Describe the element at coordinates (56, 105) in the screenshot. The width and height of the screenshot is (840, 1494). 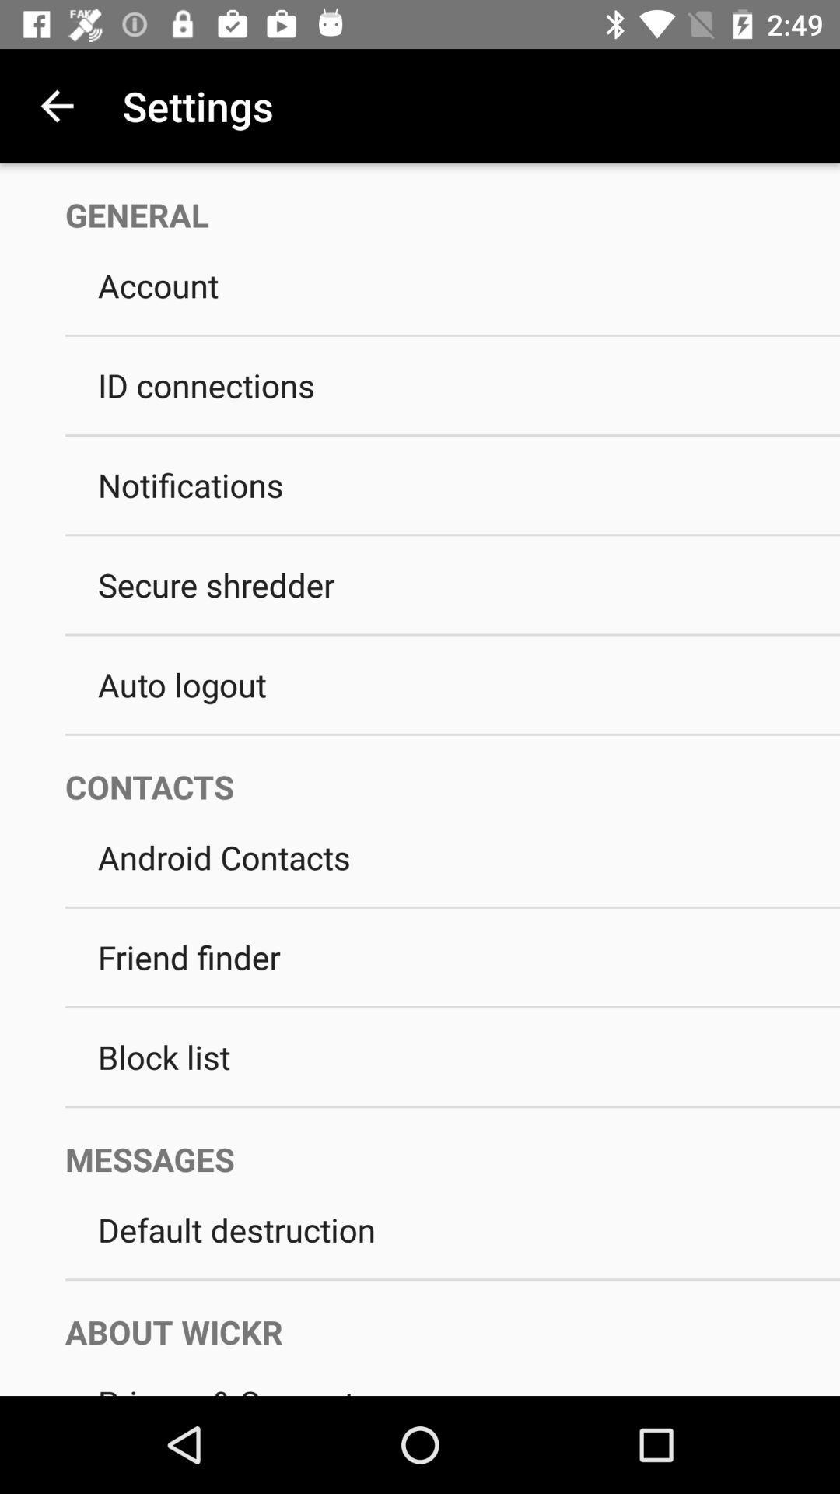
I see `icon next to settings app` at that location.